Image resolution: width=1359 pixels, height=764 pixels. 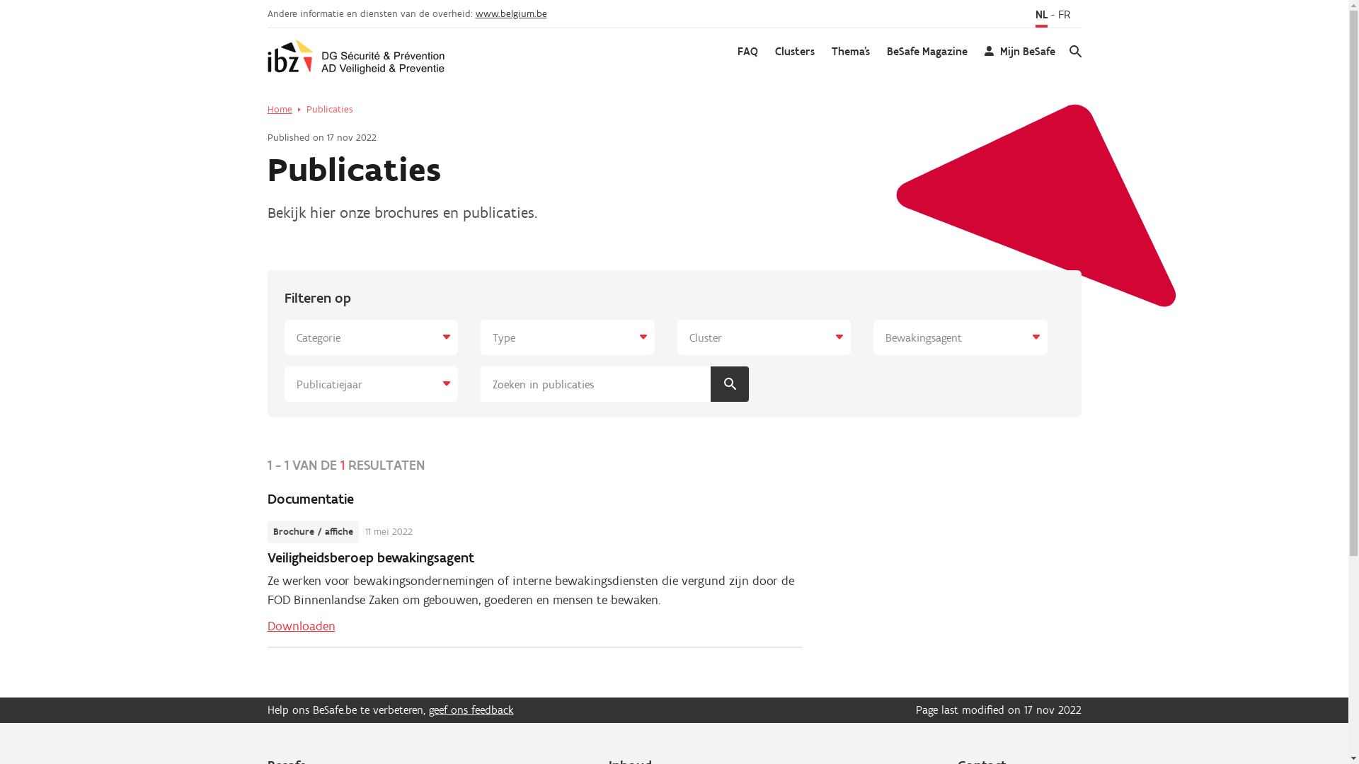 I want to click on 'Home', so click(x=280, y=108).